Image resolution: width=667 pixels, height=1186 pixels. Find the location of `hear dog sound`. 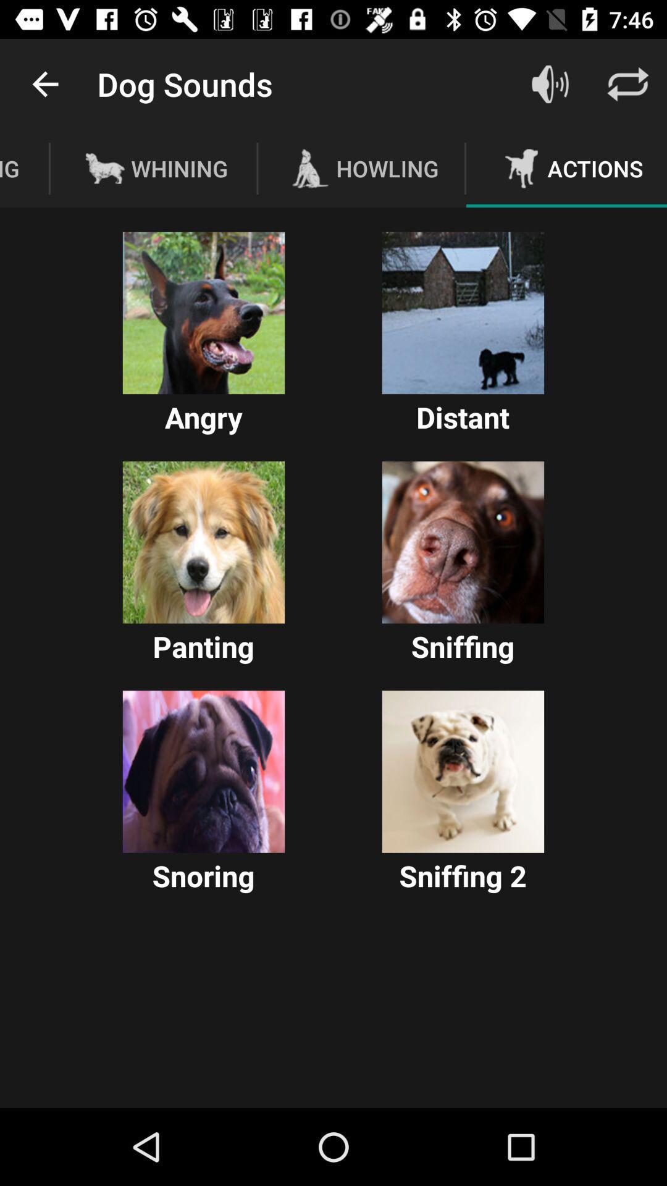

hear dog sound is located at coordinates (463, 542).